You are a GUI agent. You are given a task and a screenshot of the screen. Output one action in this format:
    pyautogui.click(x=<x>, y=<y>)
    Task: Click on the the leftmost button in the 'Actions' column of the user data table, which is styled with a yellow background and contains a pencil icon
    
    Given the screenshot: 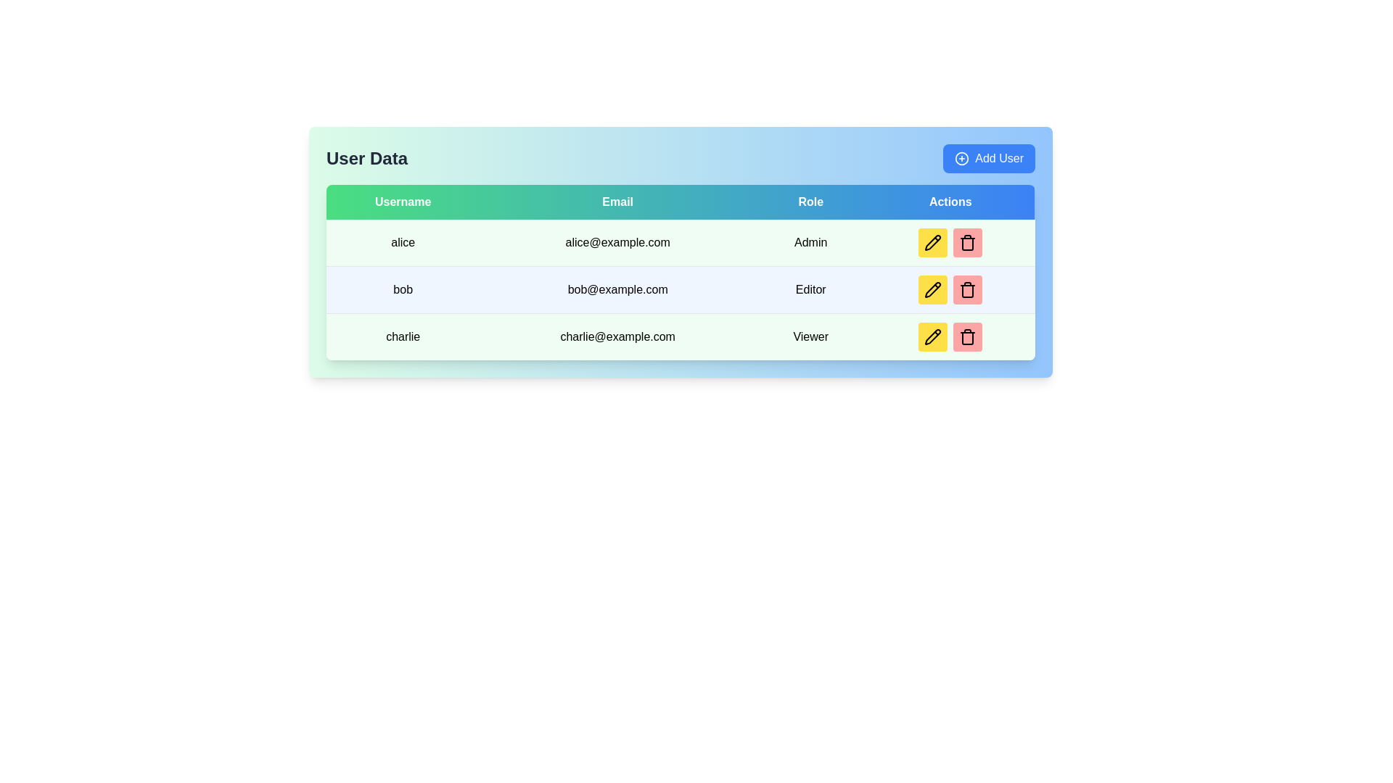 What is the action you would take?
    pyautogui.click(x=933, y=242)
    